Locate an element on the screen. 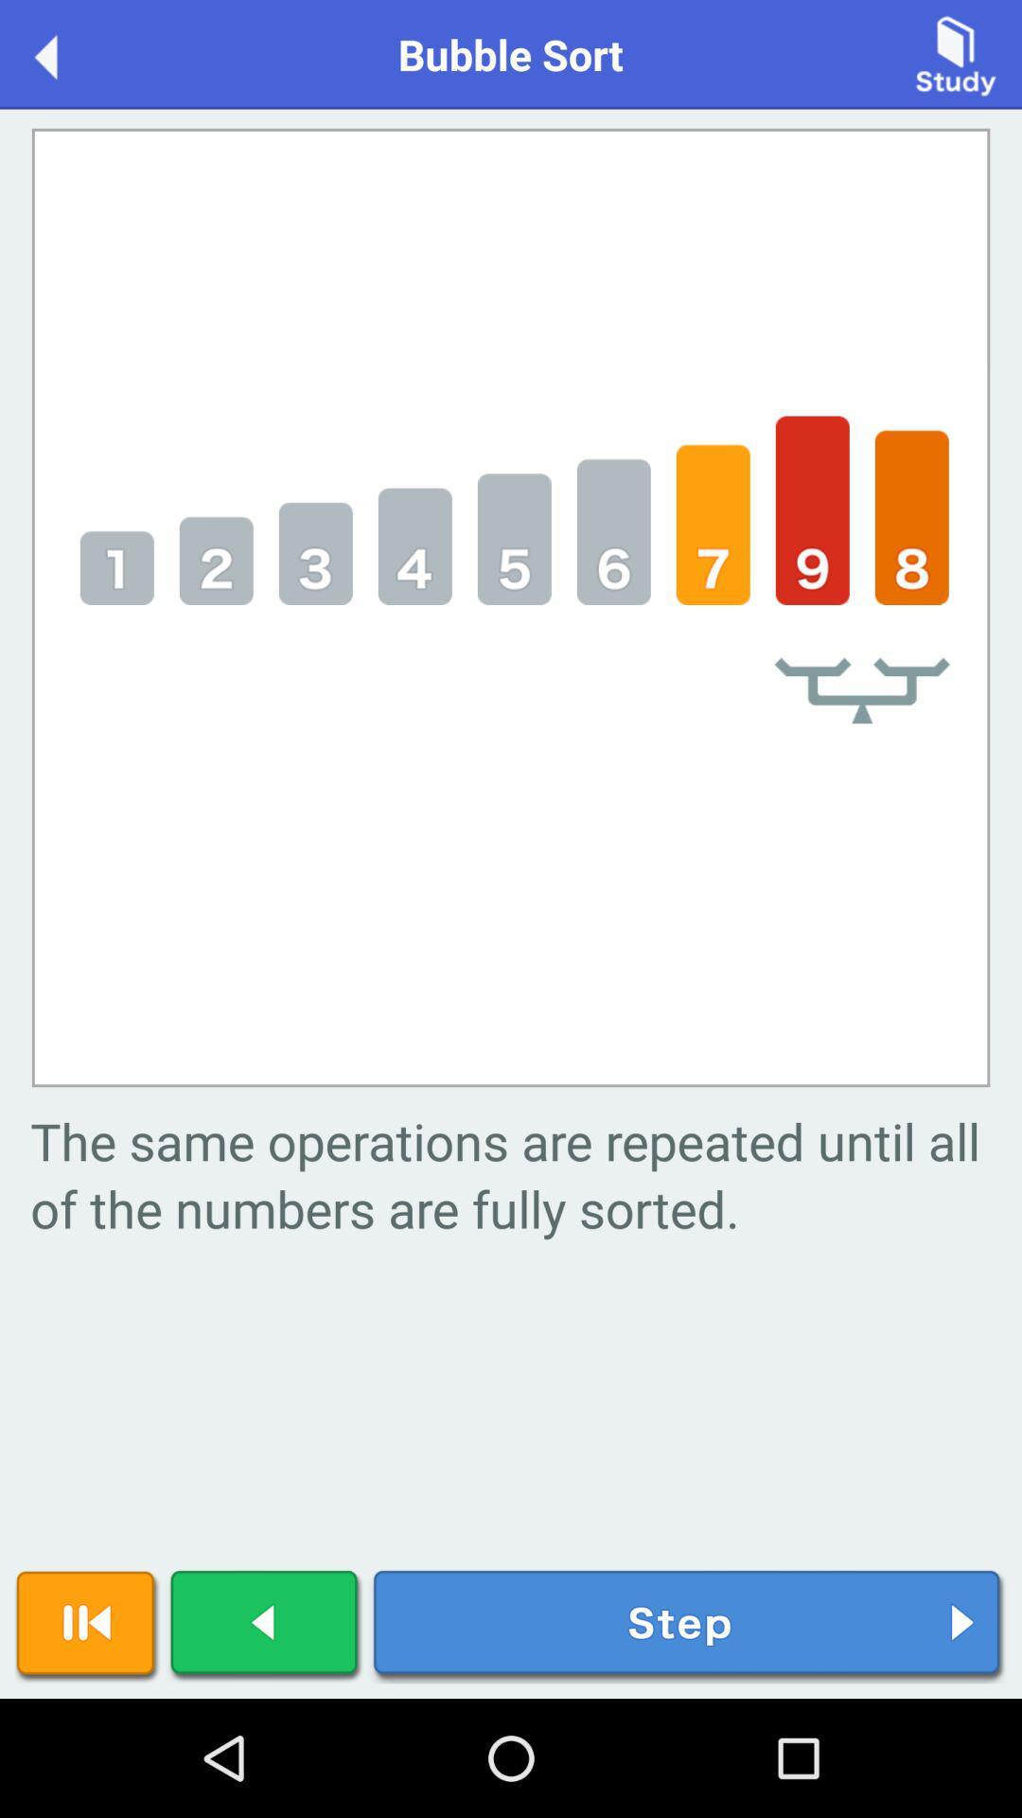  icon to the right of the bubble sort icon is located at coordinates (956, 53).